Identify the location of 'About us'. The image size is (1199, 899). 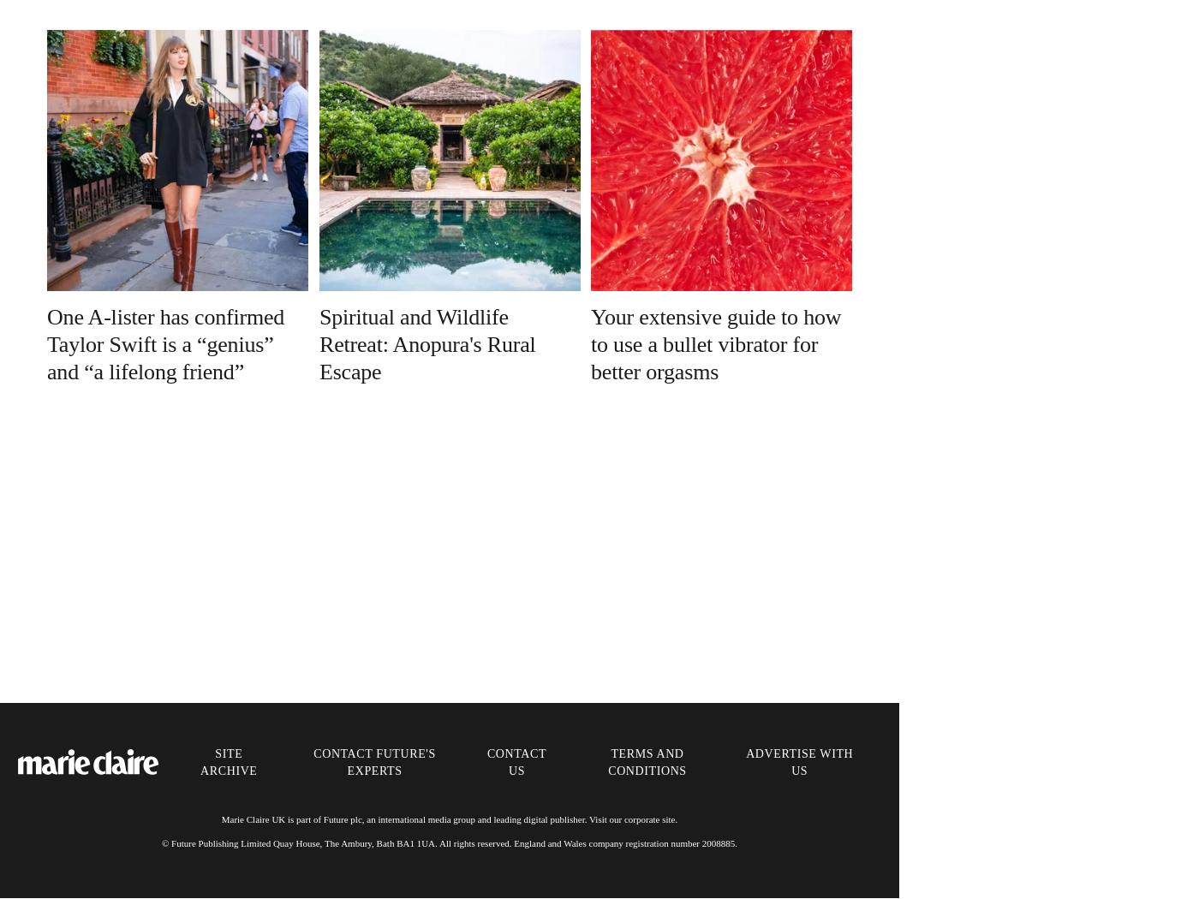
(1153, 752).